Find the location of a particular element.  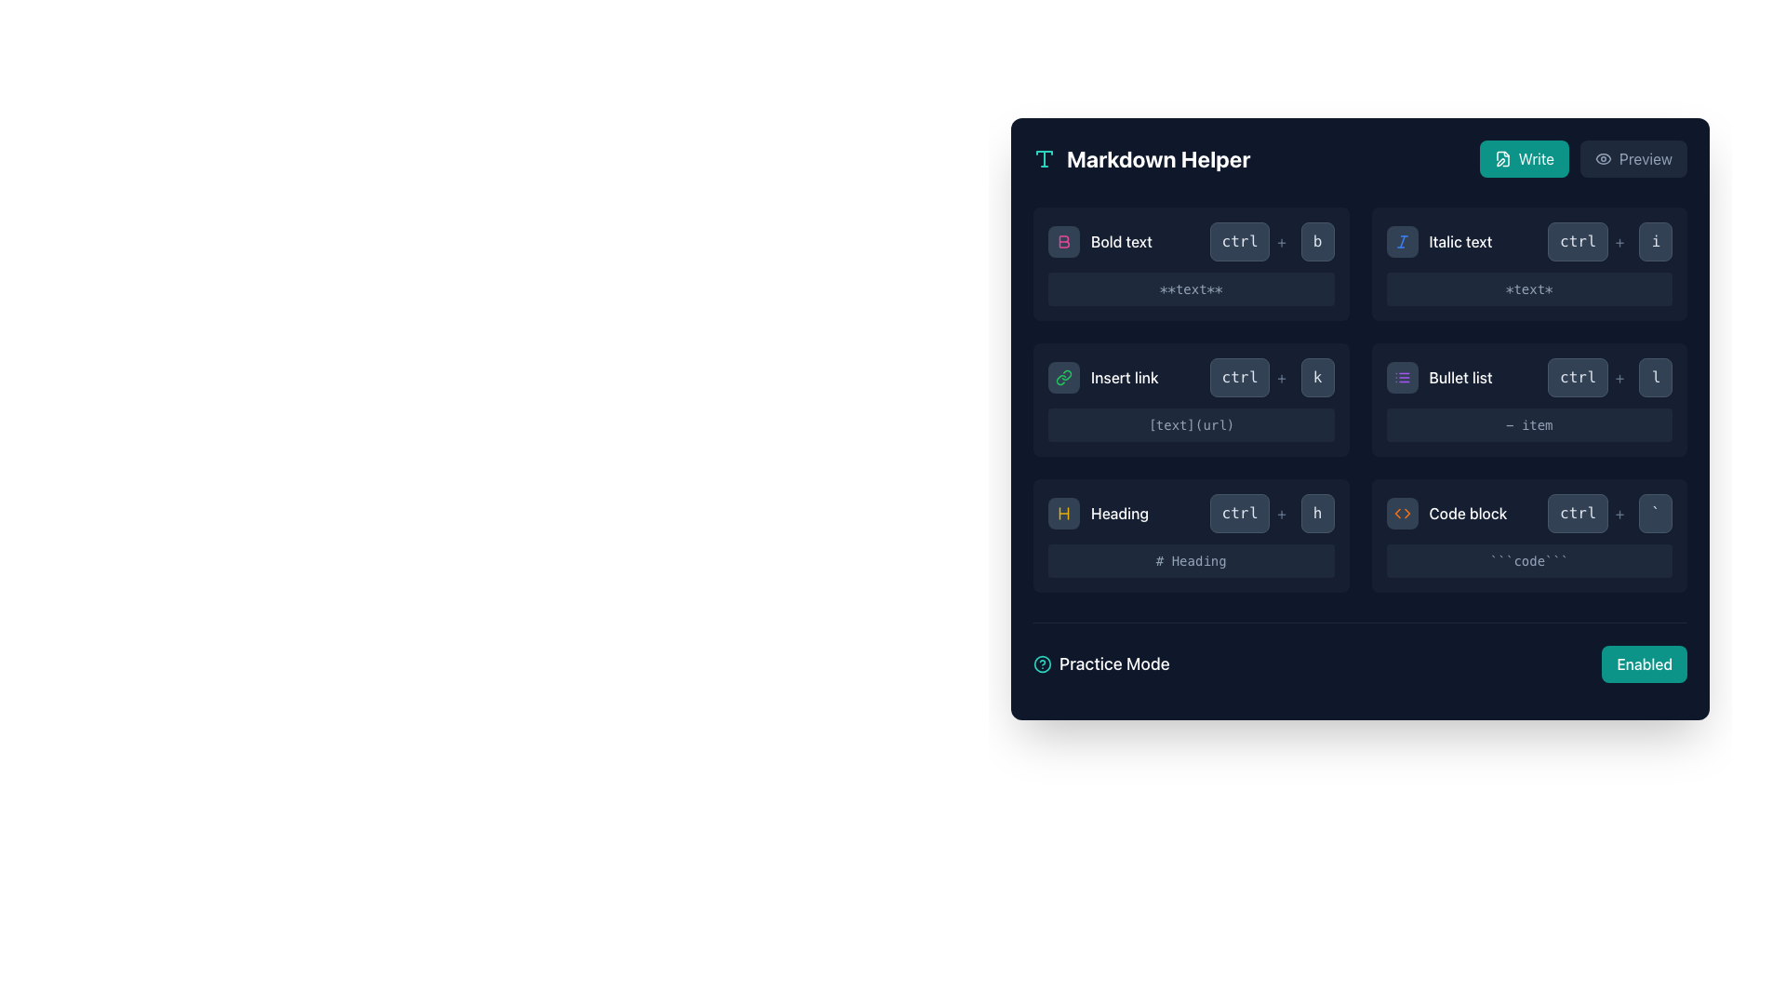

the Keyboard Shortcut Display which shows the keyboard shortcut 'ctrl+h' styled with rounded rectangular borders and a dark background is located at coordinates (1271, 513).